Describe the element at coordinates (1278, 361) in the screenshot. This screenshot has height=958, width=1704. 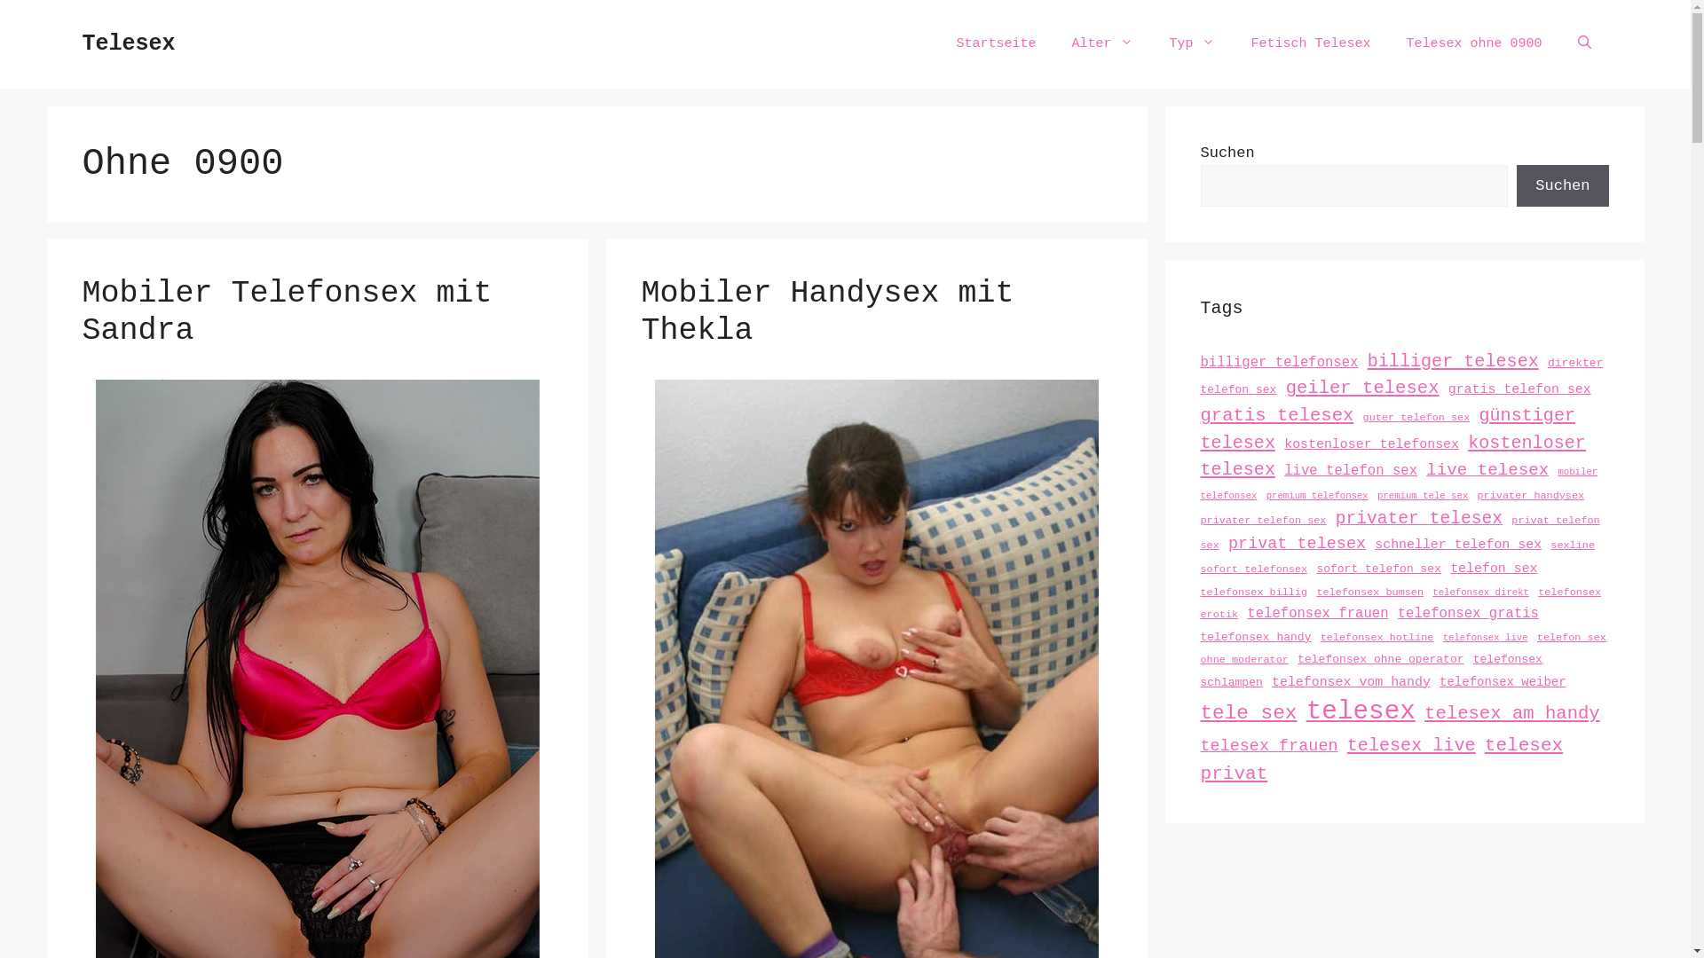
I see `'billiger telefonsex'` at that location.